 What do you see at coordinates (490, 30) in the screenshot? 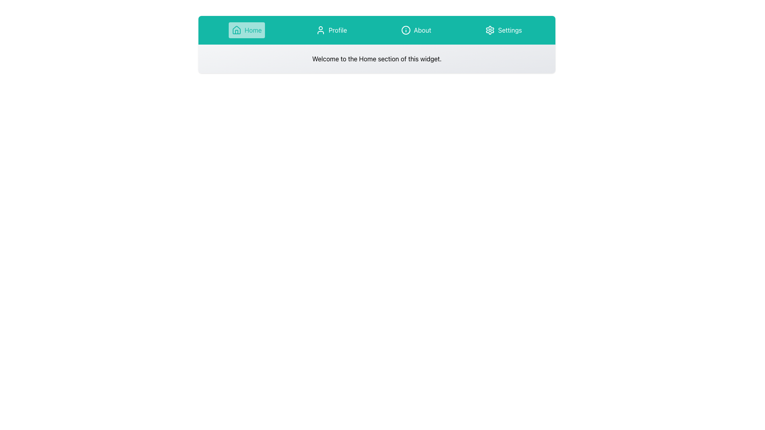
I see `the settings icon, which is a cogwheel symbol located at the rightmost position in the navigation bar` at bounding box center [490, 30].